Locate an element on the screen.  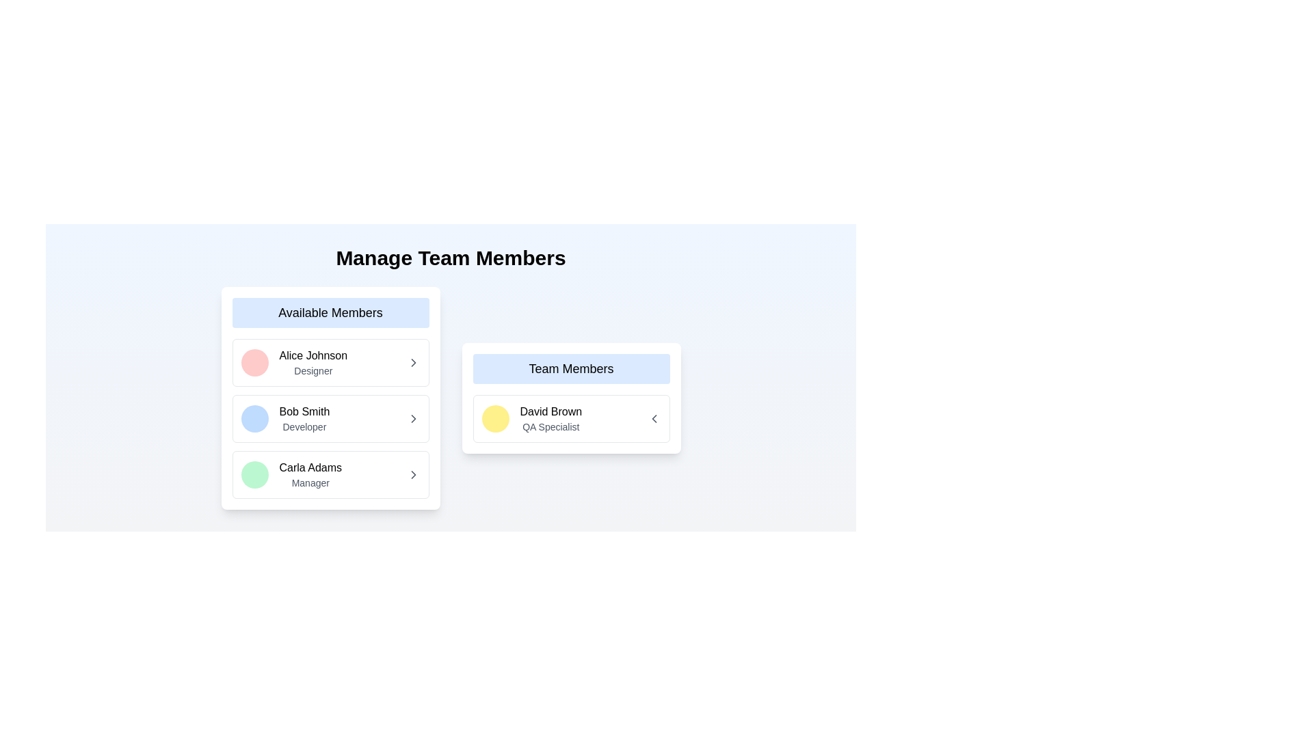
the list item featuring 'Carla Adams', a green circular icon, and navigation arrow is located at coordinates (330, 474).